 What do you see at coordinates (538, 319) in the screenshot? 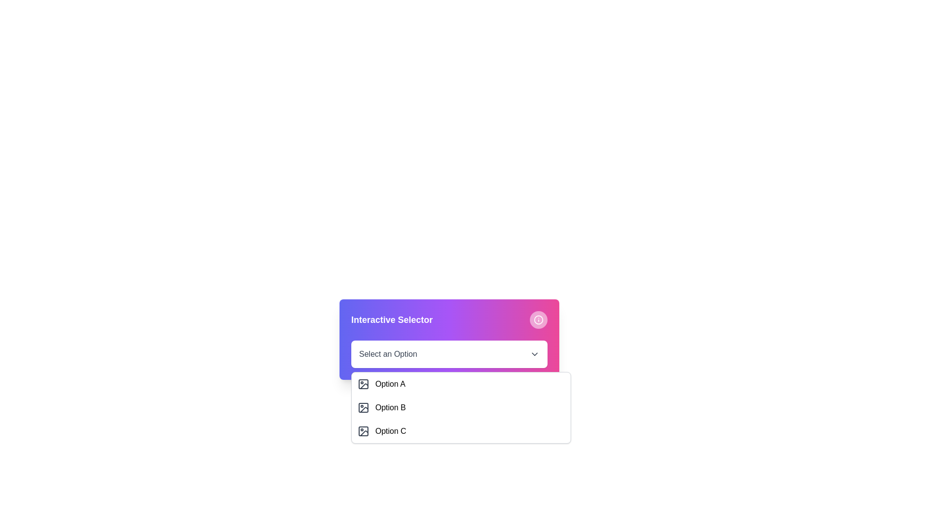
I see `the central circle of the 'info' icon located at the top-right corner of the panel, which visually enhances the icon to signify additional options or context` at bounding box center [538, 319].